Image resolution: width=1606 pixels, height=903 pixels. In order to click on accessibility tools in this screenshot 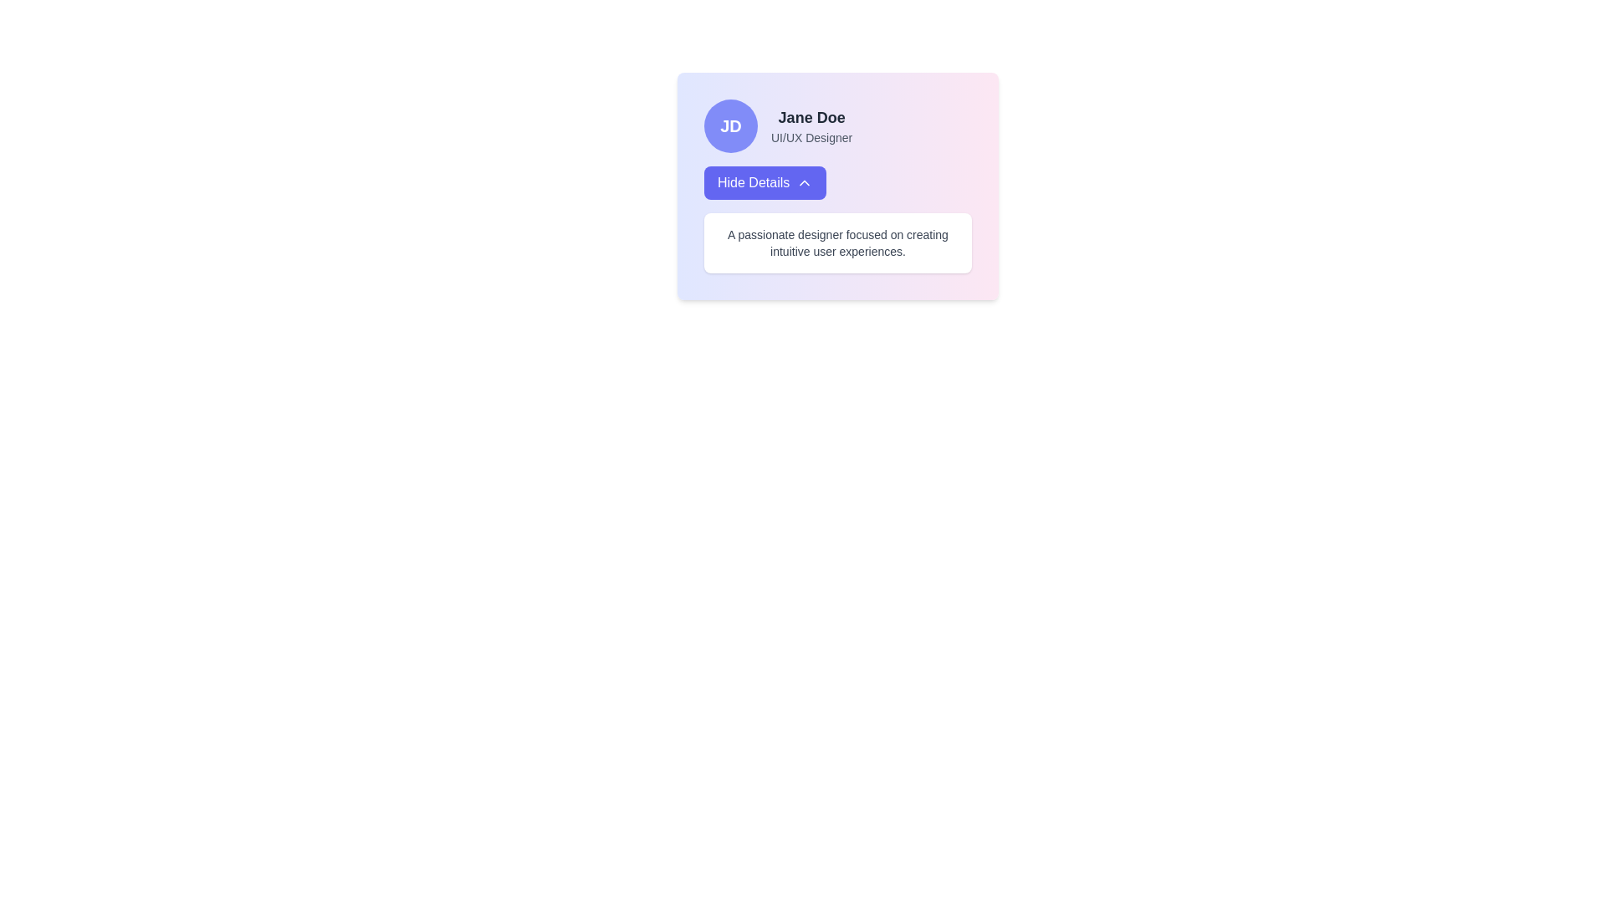, I will do `click(811, 125)`.